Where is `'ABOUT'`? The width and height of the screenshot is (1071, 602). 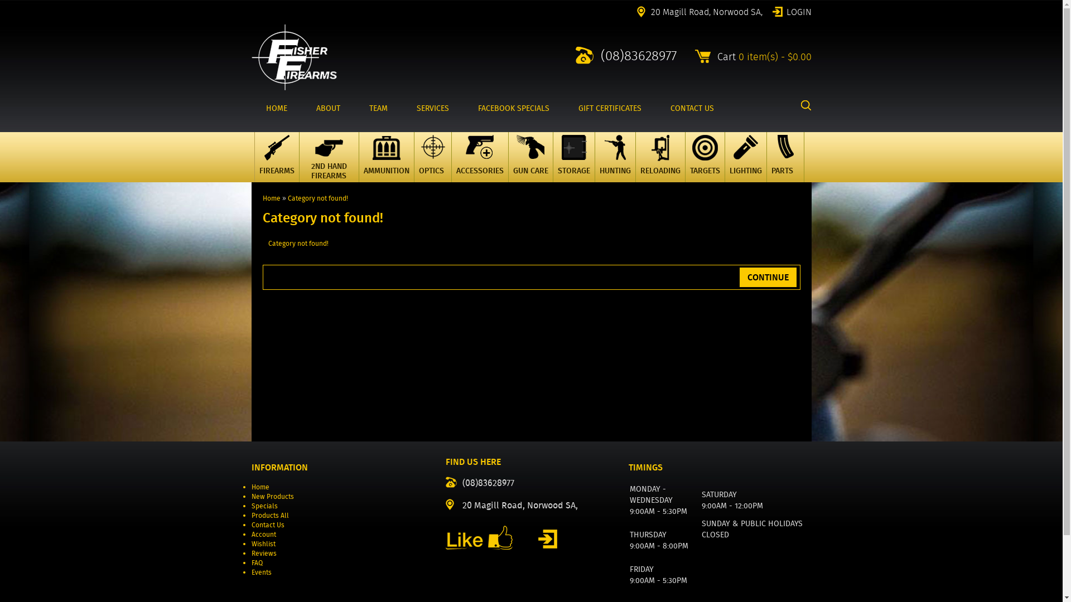
'ABOUT' is located at coordinates (327, 108).